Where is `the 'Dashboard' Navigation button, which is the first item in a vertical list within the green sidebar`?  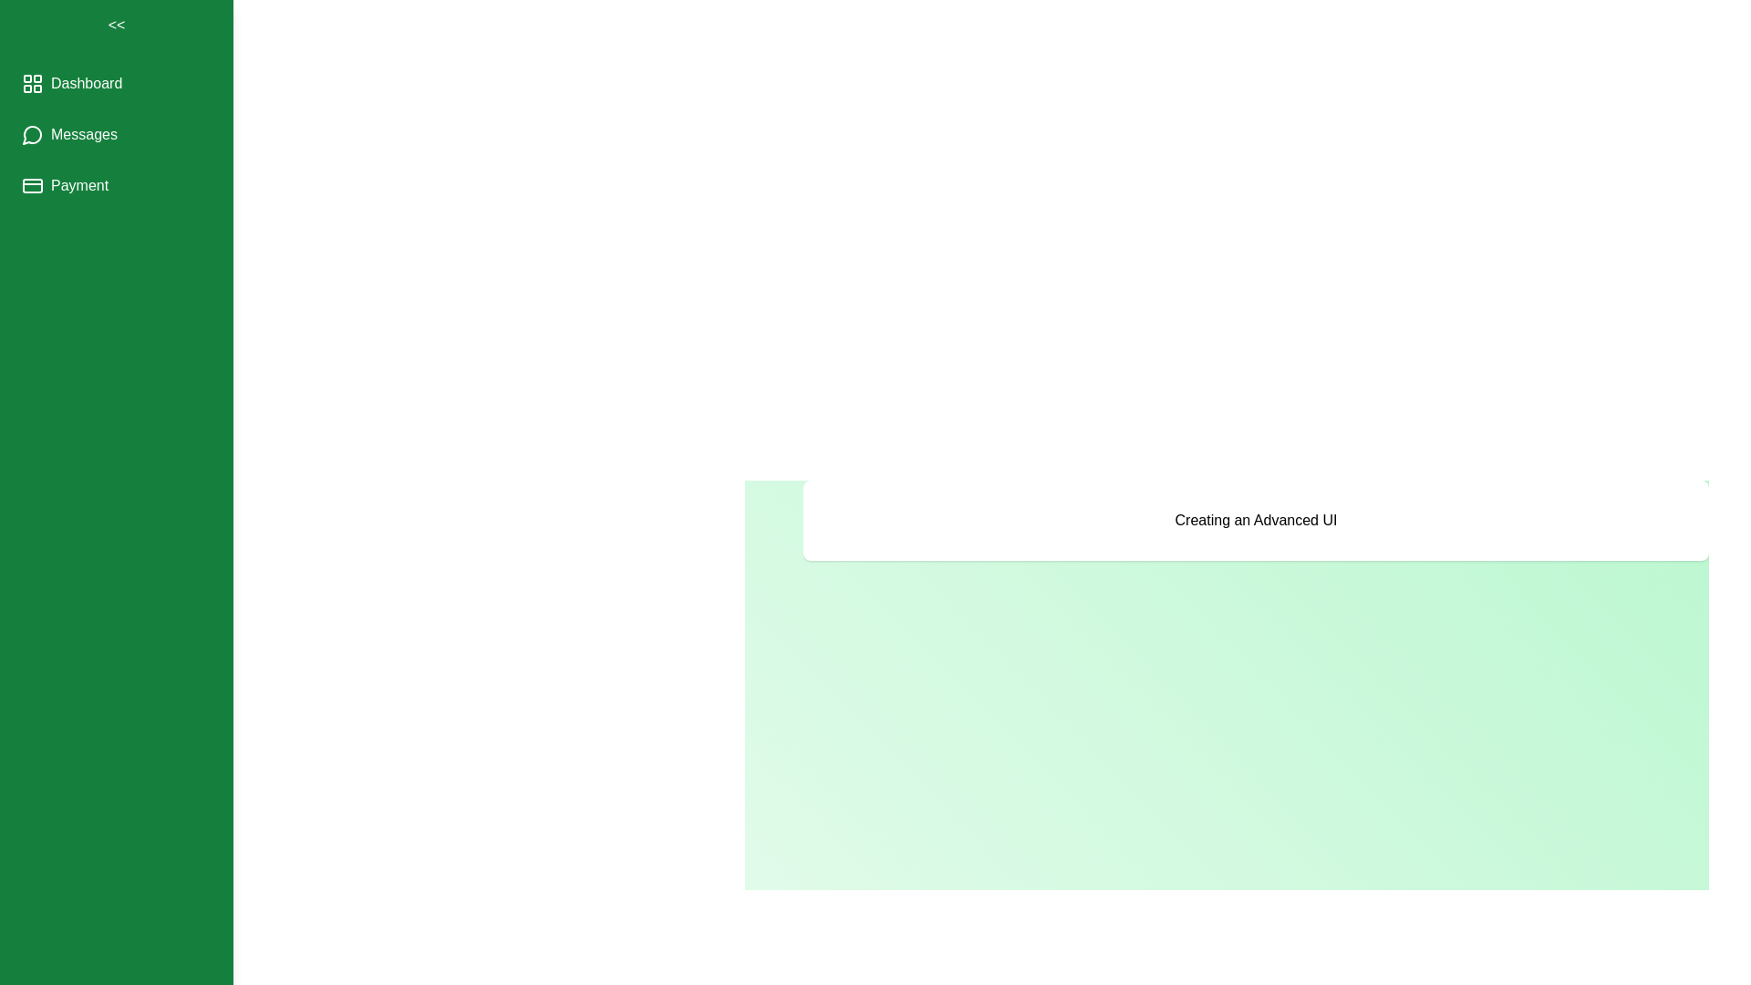
the 'Dashboard' Navigation button, which is the first item in a vertical list within the green sidebar is located at coordinates (72, 84).